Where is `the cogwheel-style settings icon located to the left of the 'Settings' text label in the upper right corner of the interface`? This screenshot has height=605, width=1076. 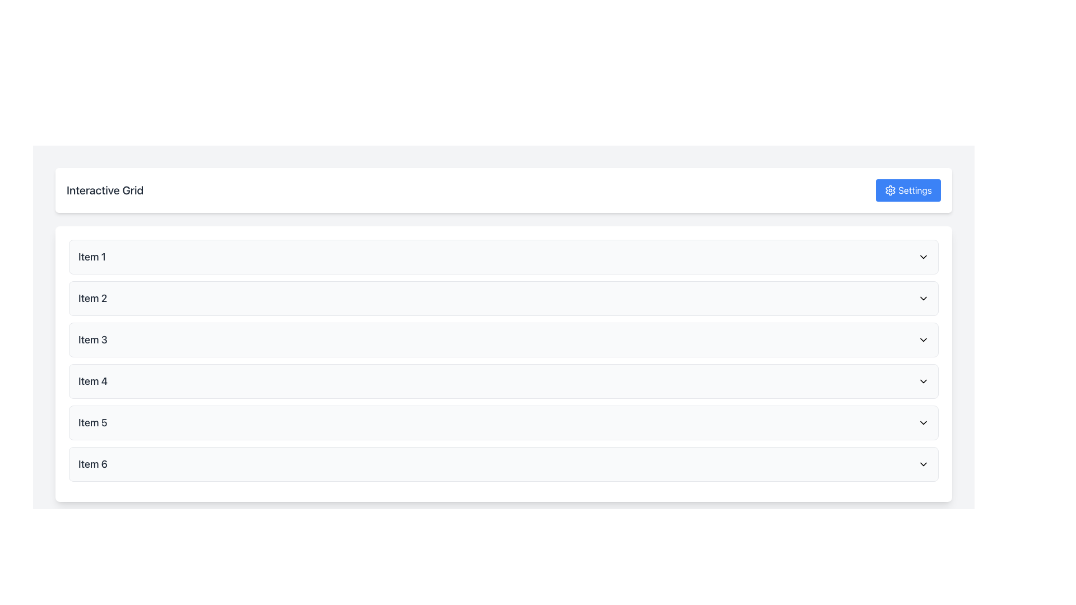
the cogwheel-style settings icon located to the left of the 'Settings' text label in the upper right corner of the interface is located at coordinates (890, 189).